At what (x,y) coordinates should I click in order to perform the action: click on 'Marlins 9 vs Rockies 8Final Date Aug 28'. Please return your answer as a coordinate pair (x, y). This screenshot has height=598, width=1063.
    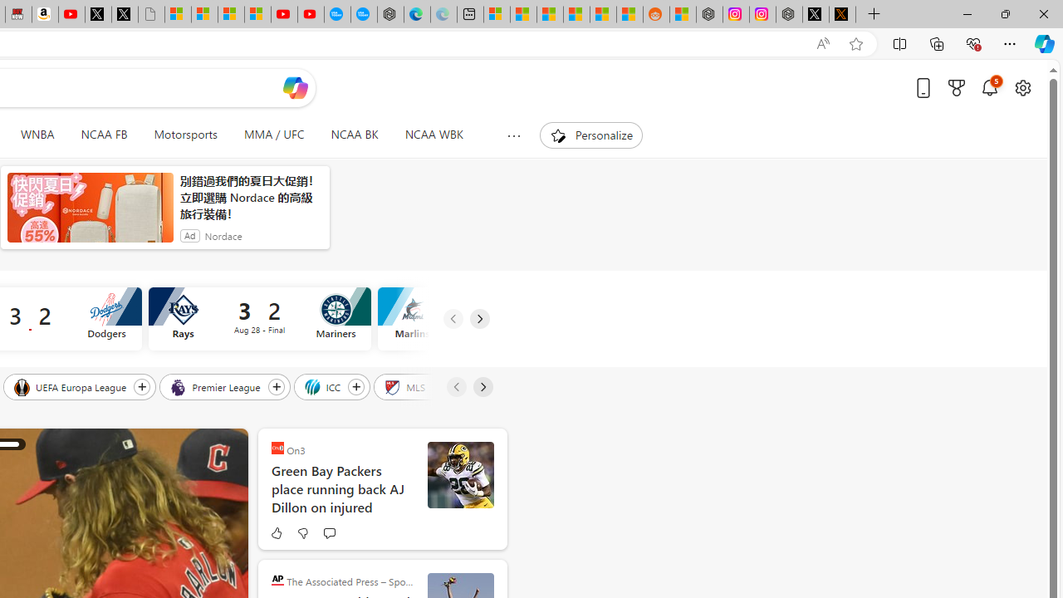
    Looking at the image, I should click on (487, 319).